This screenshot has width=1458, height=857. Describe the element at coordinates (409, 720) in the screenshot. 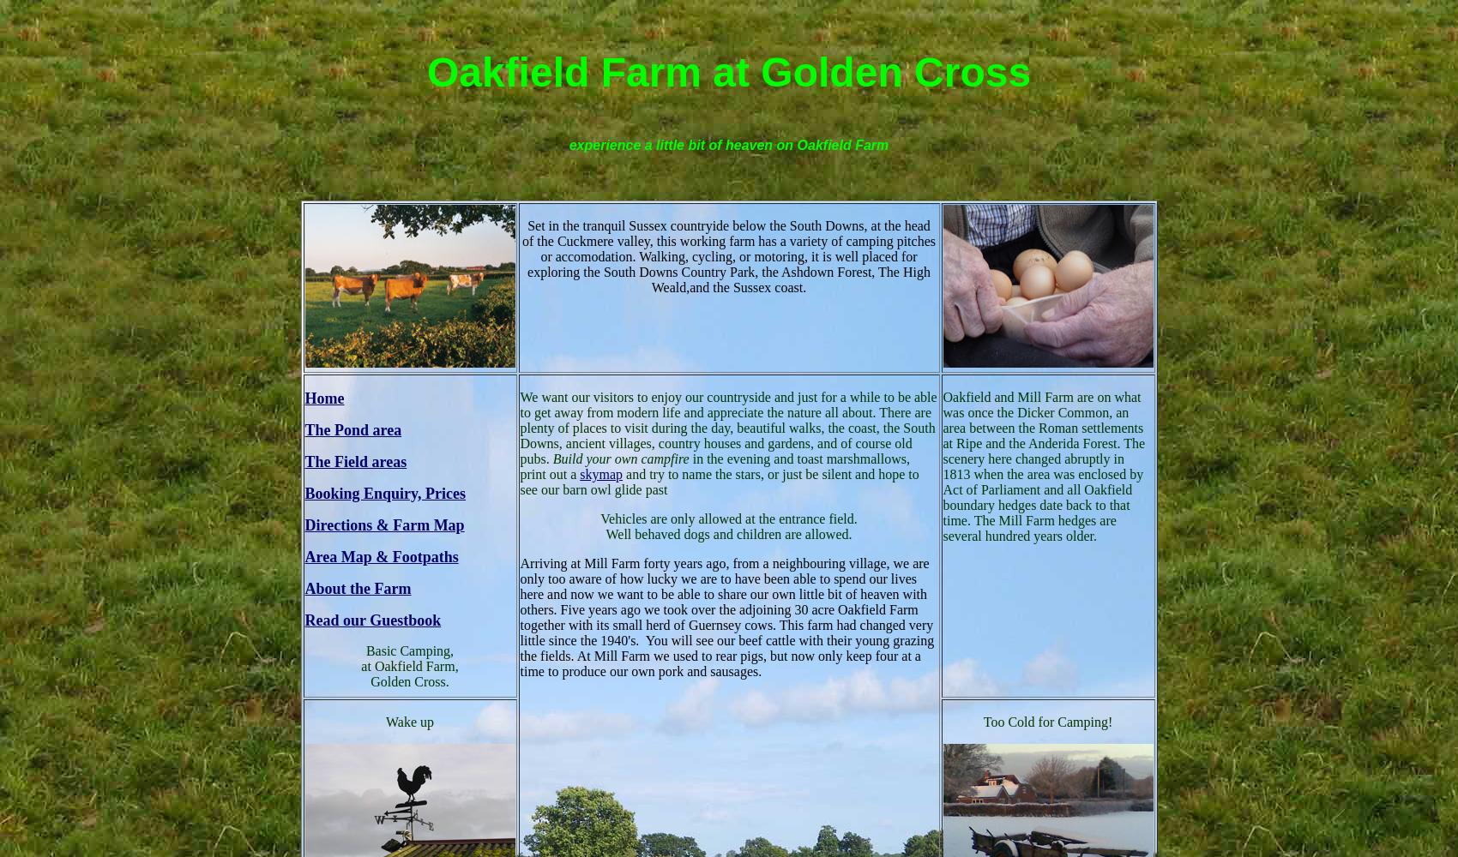

I see `'Wake up'` at that location.